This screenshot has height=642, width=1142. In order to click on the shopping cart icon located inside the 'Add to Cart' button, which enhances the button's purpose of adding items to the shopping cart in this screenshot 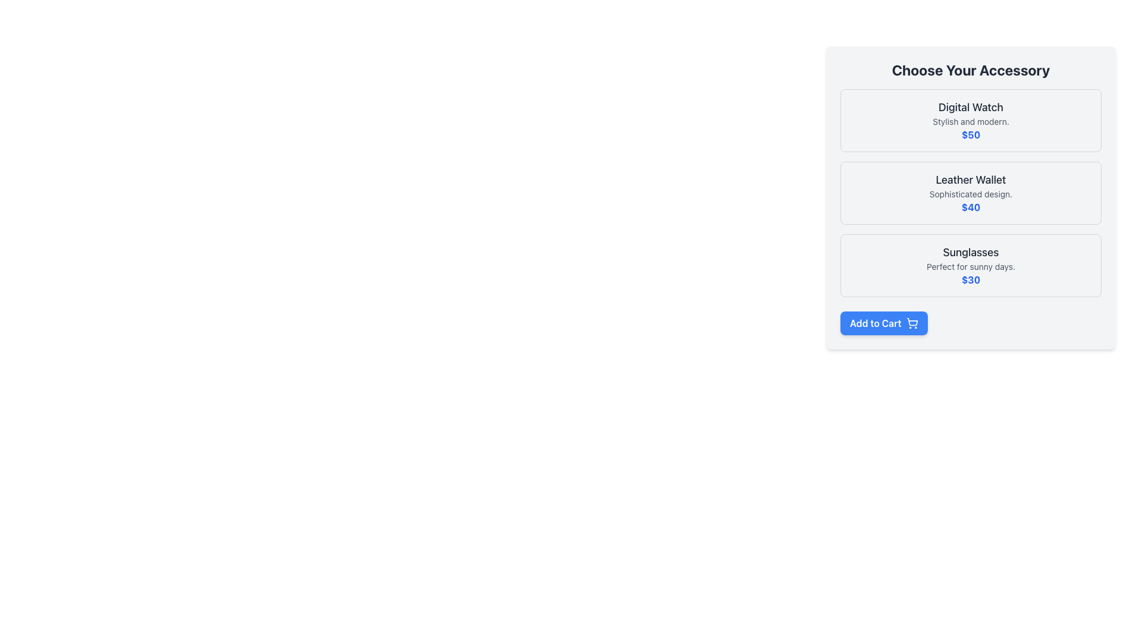, I will do `click(911, 323)`.